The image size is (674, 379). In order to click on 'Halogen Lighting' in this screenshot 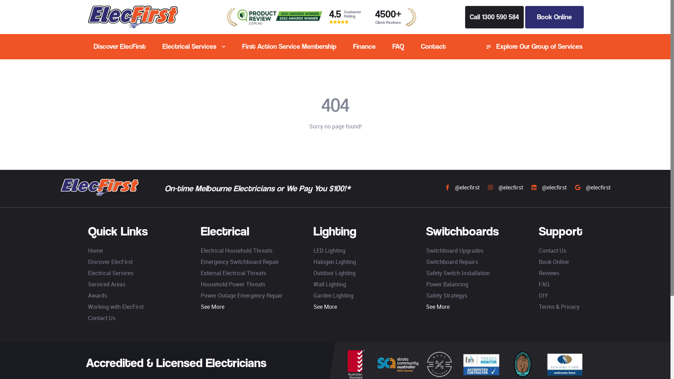, I will do `click(334, 261)`.